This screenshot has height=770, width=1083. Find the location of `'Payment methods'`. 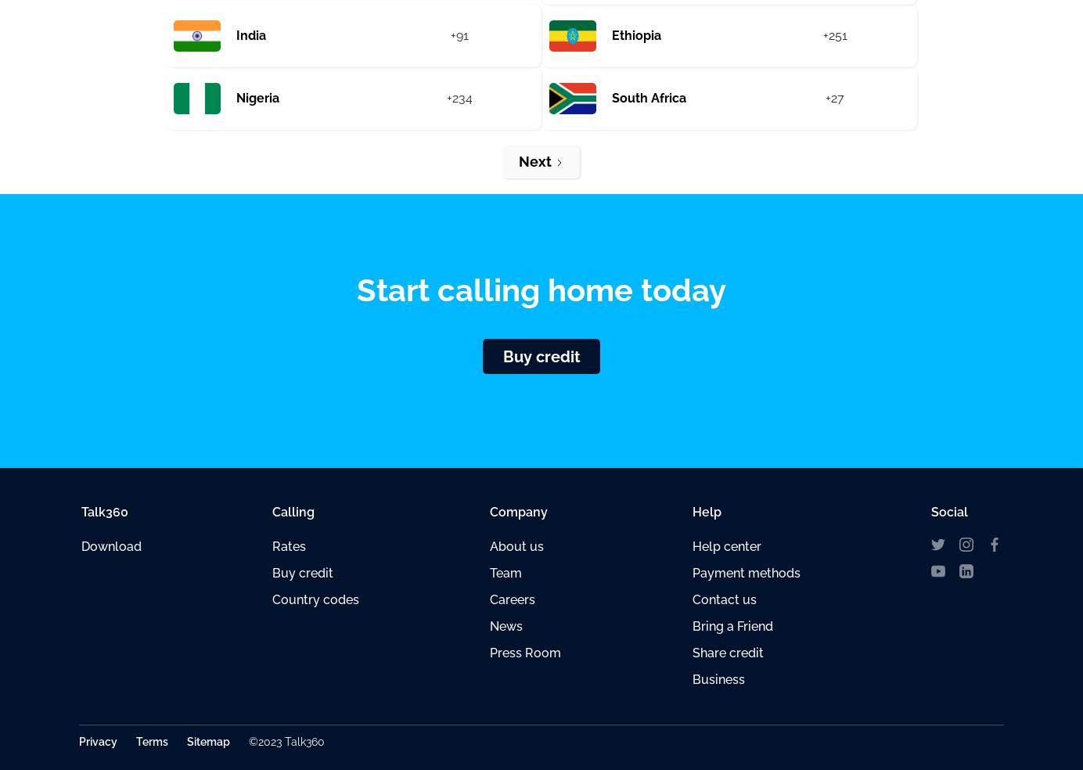

'Payment methods' is located at coordinates (745, 573).